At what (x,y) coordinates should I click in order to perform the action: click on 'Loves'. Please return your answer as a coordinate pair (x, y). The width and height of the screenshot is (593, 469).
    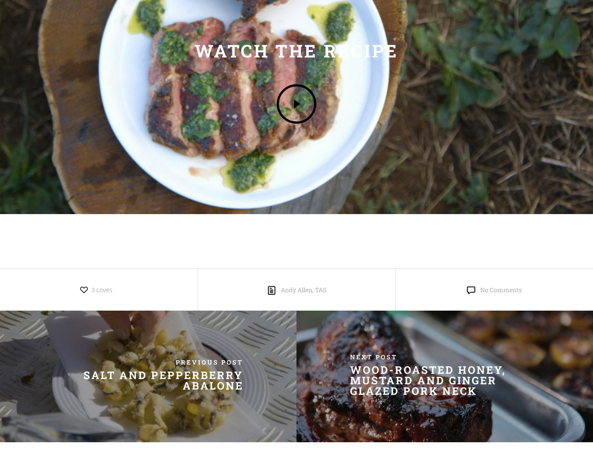
    Looking at the image, I should click on (103, 289).